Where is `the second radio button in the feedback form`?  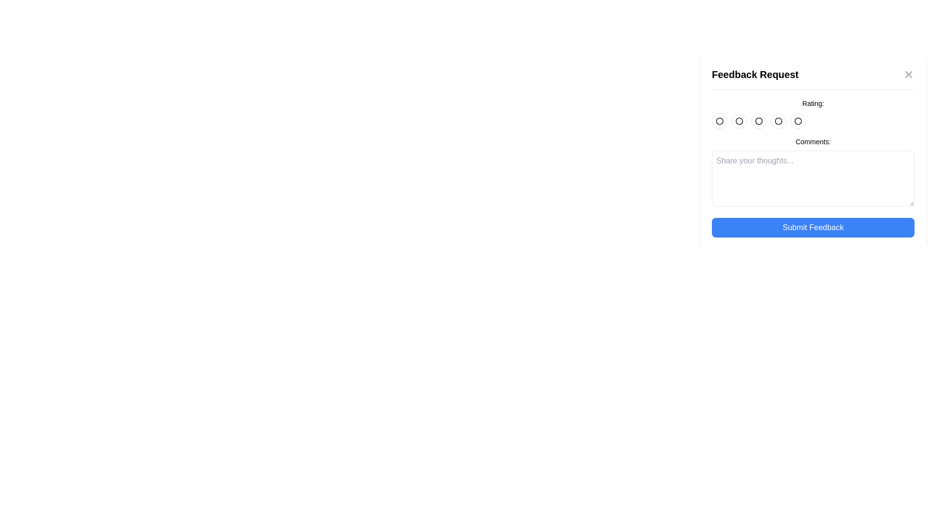 the second radio button in the feedback form is located at coordinates (739, 120).